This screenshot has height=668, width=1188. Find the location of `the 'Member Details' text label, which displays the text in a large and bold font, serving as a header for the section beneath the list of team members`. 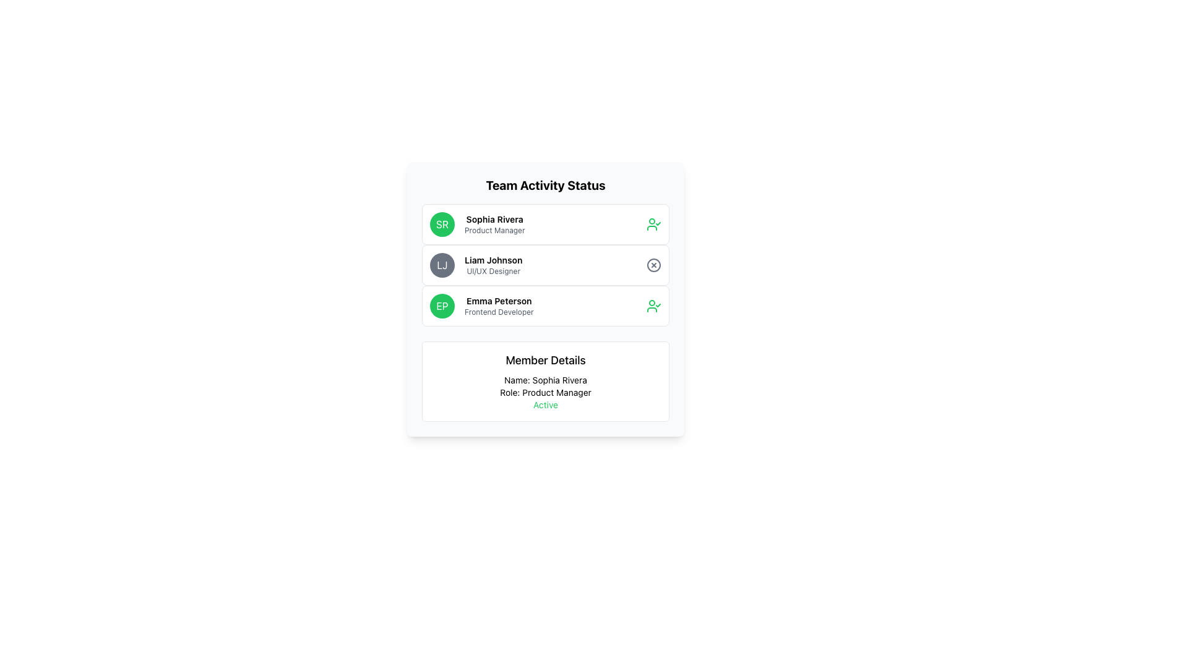

the 'Member Details' text label, which displays the text in a large and bold font, serving as a header for the section beneath the list of team members is located at coordinates (545, 360).